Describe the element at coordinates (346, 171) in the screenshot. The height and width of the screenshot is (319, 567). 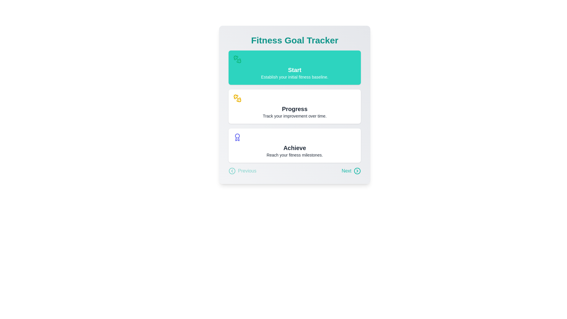
I see `the navigation button located on the lower-right corner of the 'Fitness Goal Tracker' dialog box to proceed to the next step` at that location.